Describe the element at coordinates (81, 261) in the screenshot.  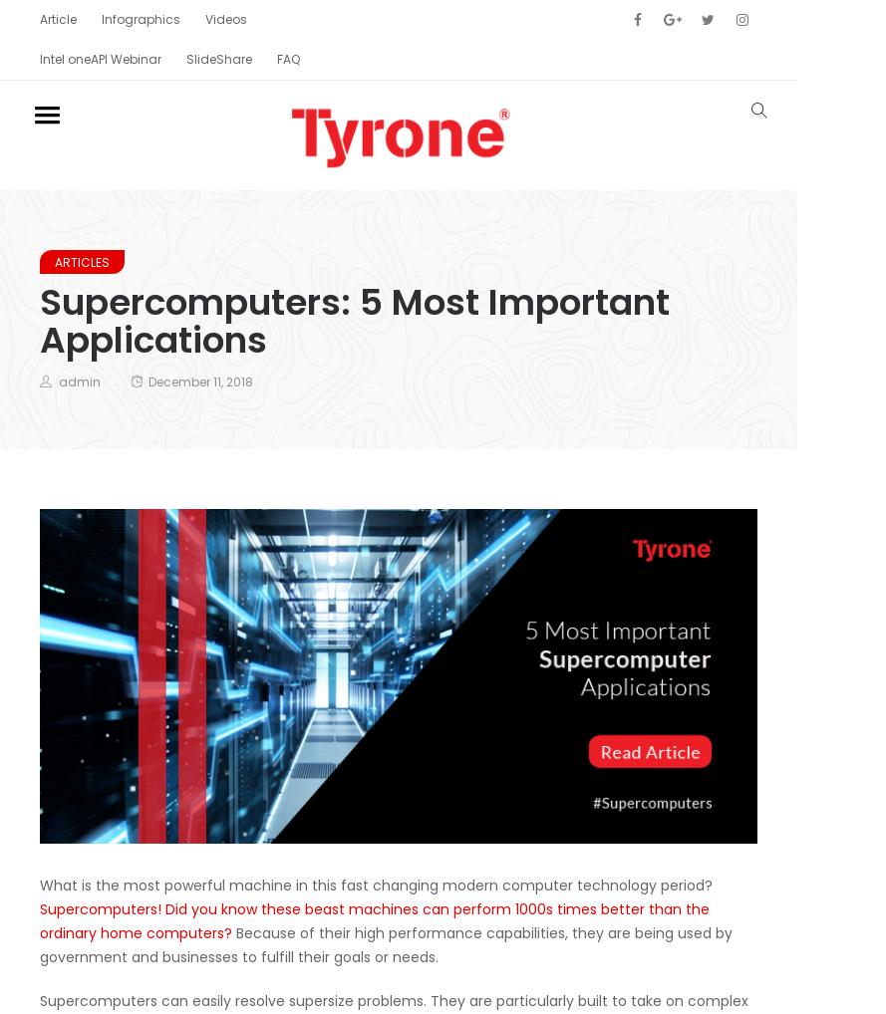
I see `'articles'` at that location.